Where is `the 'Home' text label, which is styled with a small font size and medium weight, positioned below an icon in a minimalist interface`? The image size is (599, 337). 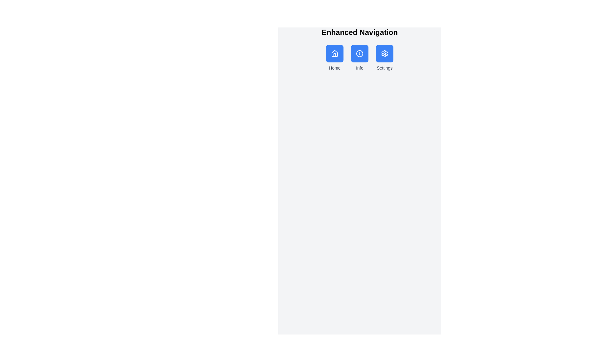
the 'Home' text label, which is styled with a small font size and medium weight, positioned below an icon in a minimalist interface is located at coordinates (334, 68).